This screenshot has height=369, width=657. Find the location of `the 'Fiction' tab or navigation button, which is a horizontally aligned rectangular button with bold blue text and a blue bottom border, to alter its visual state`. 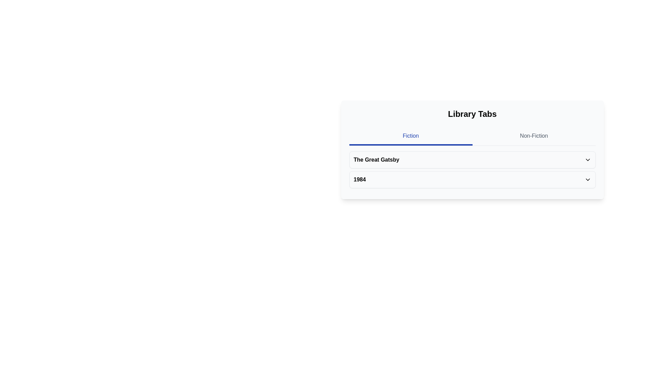

the 'Fiction' tab or navigation button, which is a horizontally aligned rectangular button with bold blue text and a blue bottom border, to alter its visual state is located at coordinates (411, 137).